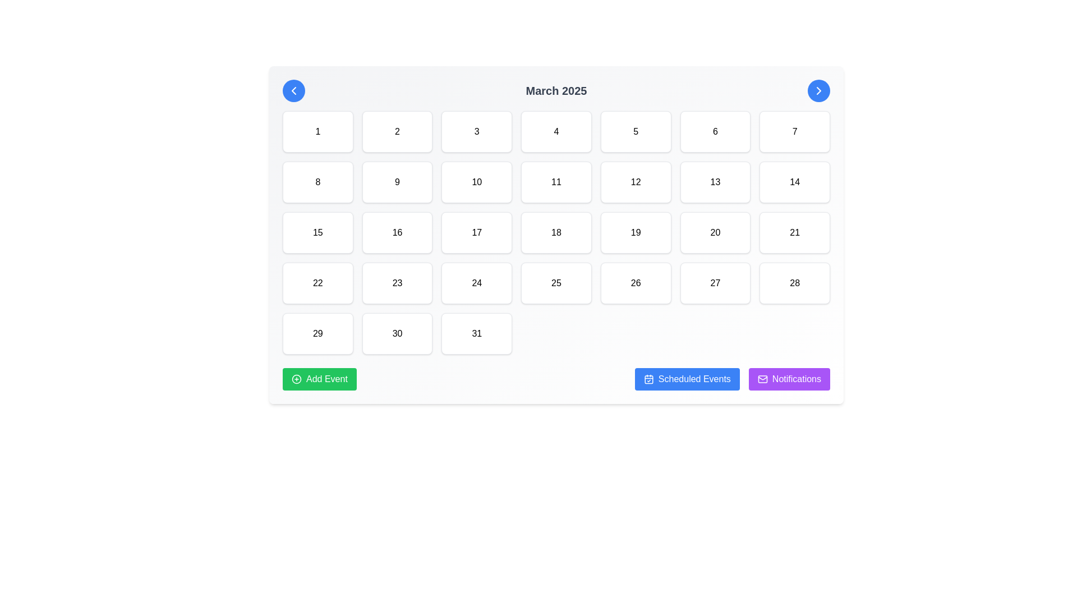 This screenshot has width=1077, height=606. I want to click on the rightward-pointing chevron icon within the blue circular button located in the top-right corner above the calendar, so click(818, 90).